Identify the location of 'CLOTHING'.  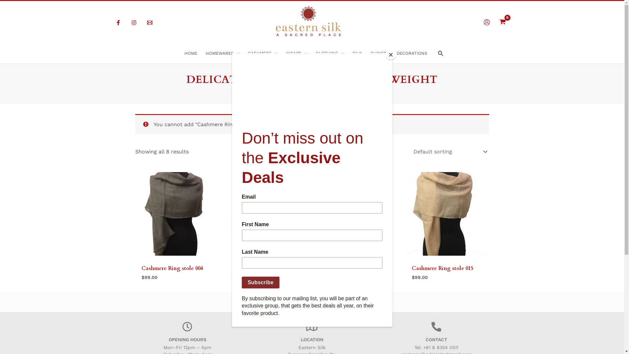
(330, 53).